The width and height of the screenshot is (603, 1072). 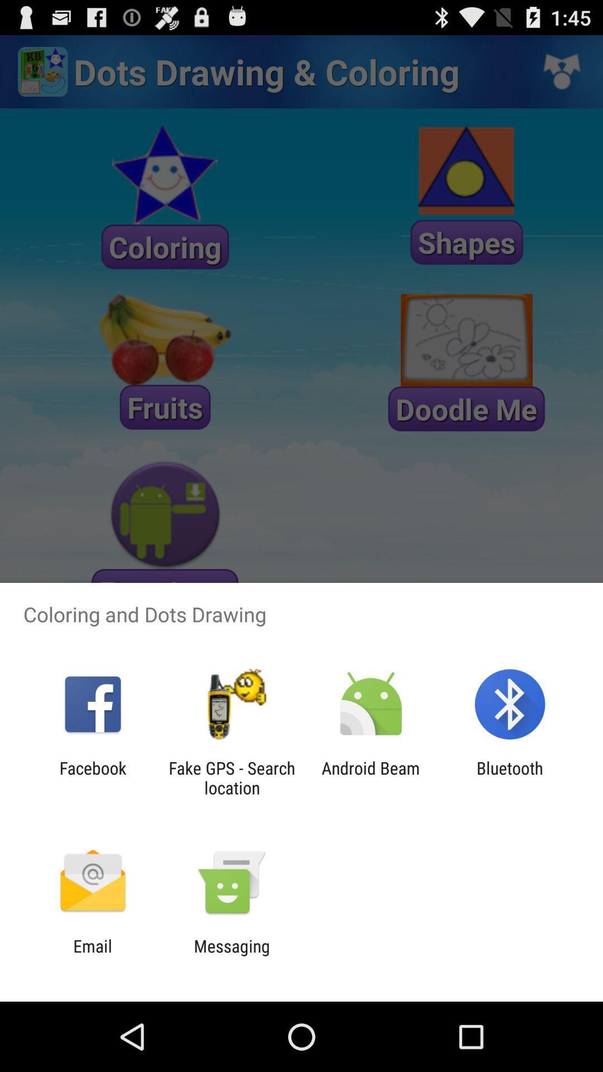 What do you see at coordinates (510, 777) in the screenshot?
I see `the bluetooth icon` at bounding box center [510, 777].